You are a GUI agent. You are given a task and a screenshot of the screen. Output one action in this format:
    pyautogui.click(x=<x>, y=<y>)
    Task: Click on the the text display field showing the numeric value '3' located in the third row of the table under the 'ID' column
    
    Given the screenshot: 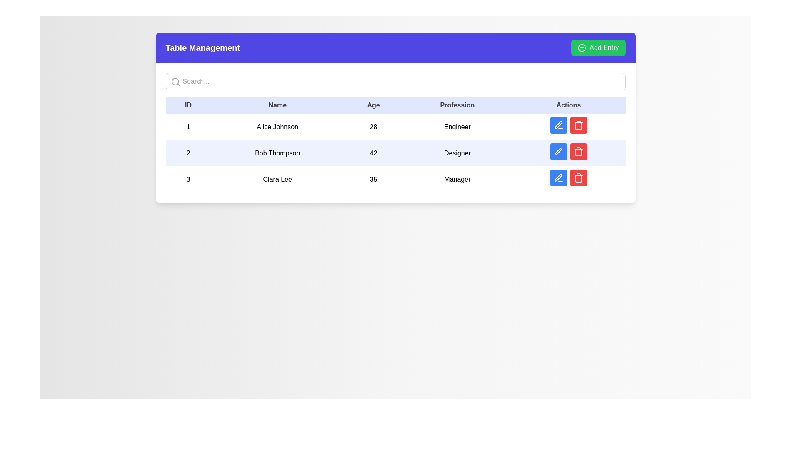 What is the action you would take?
    pyautogui.click(x=188, y=179)
    